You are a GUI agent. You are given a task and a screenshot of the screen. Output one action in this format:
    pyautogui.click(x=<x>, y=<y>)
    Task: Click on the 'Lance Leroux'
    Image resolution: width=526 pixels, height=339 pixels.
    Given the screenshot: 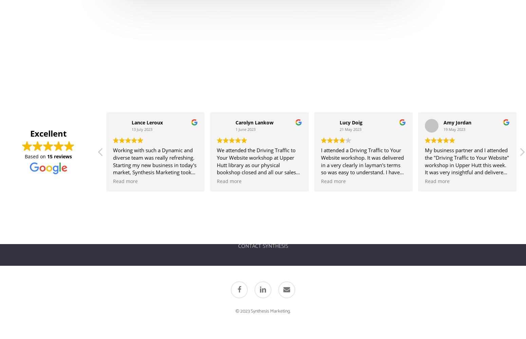 What is the action you would take?
    pyautogui.click(x=147, y=122)
    